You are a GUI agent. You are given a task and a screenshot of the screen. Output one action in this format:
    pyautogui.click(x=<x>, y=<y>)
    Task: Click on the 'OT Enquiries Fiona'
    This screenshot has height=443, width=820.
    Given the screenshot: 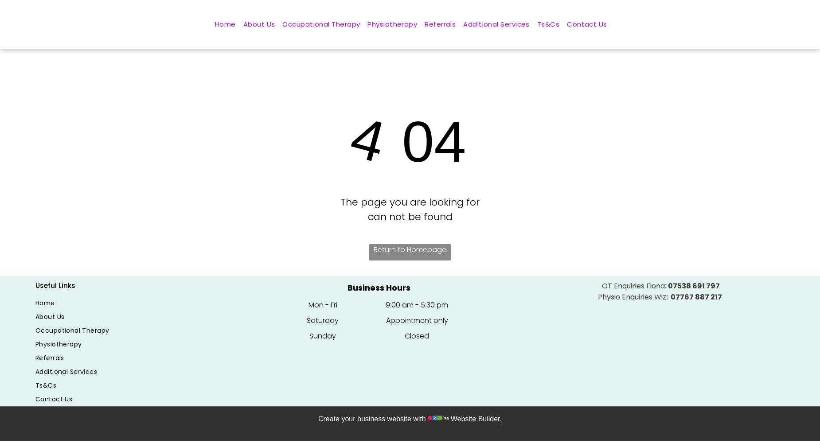 What is the action you would take?
    pyautogui.click(x=633, y=285)
    